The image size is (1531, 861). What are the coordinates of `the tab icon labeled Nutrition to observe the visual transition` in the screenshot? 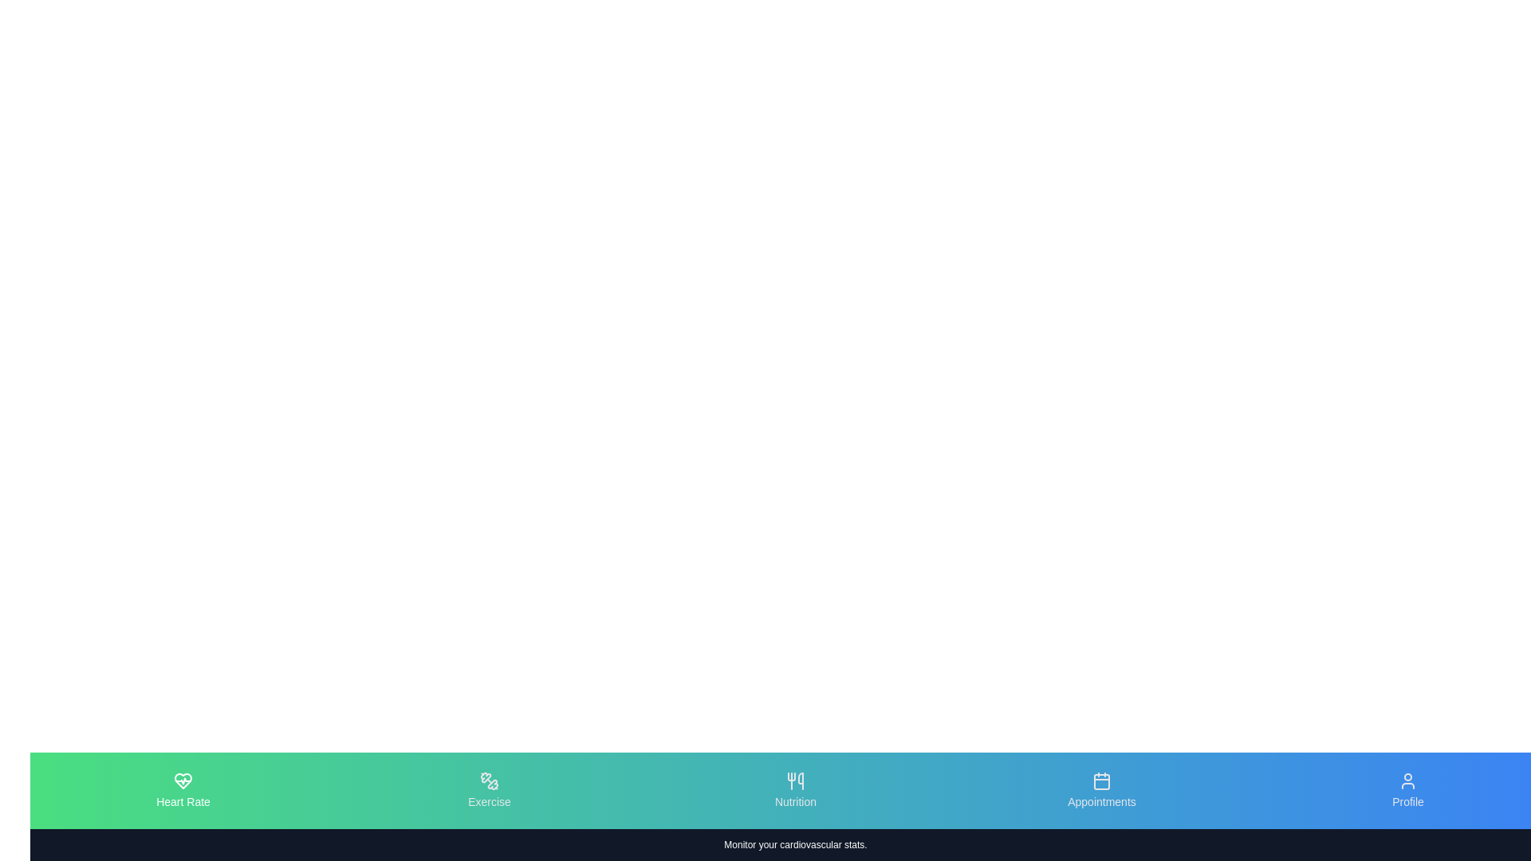 It's located at (796, 790).